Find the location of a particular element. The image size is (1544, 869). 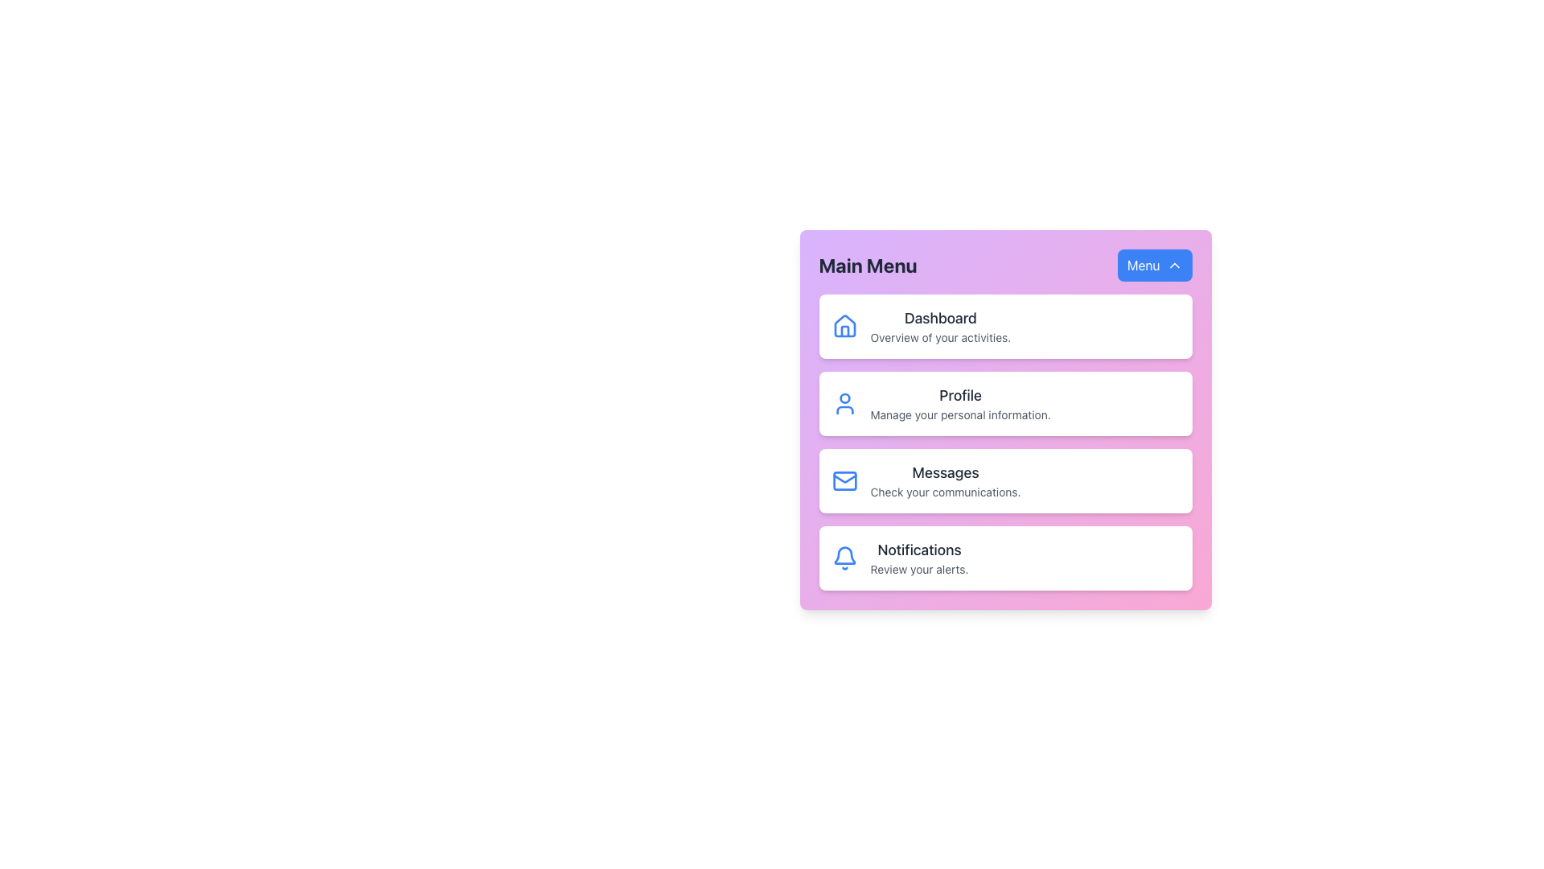

the upper torso and shoulders icon in the profile section of the main menu, located at the top left of the interface is located at coordinates (844, 409).